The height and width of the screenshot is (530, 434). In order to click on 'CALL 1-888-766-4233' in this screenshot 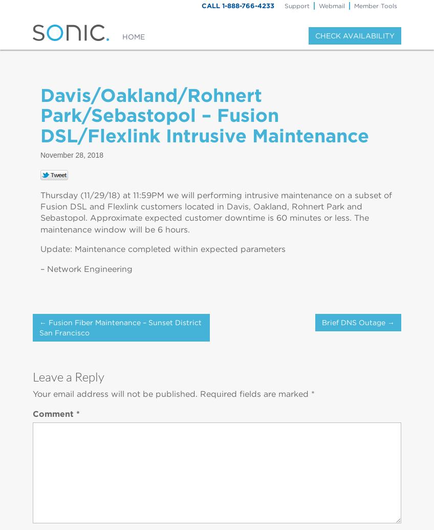, I will do `click(237, 6)`.